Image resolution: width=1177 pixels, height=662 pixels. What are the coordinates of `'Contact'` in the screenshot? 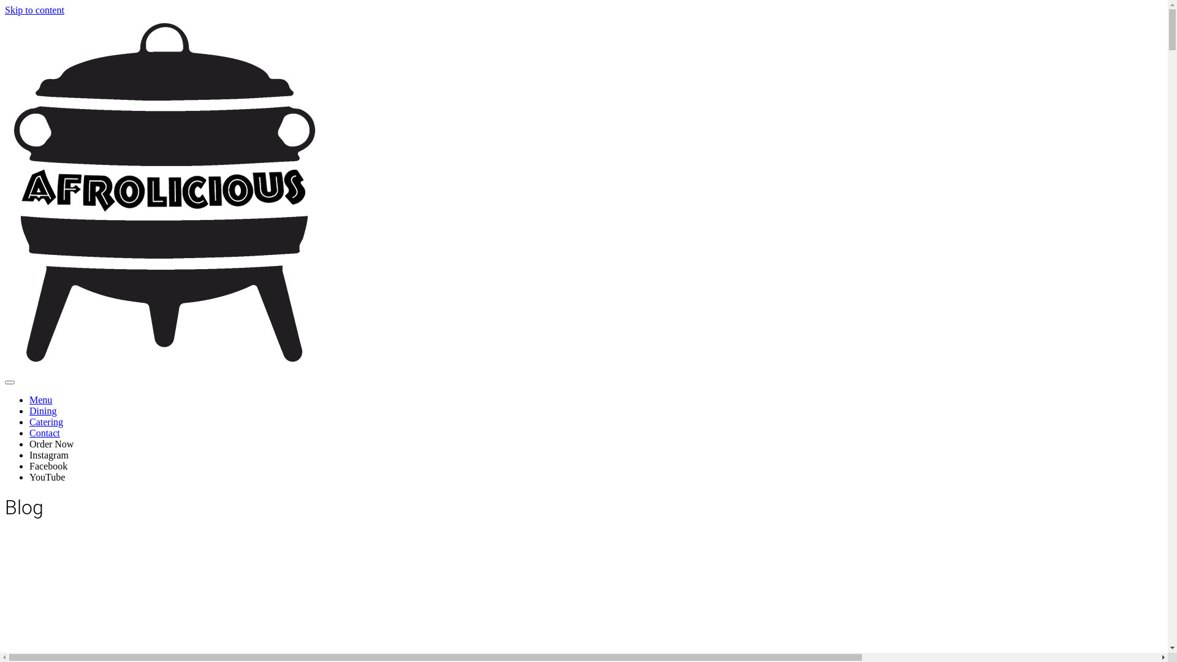 It's located at (29, 432).